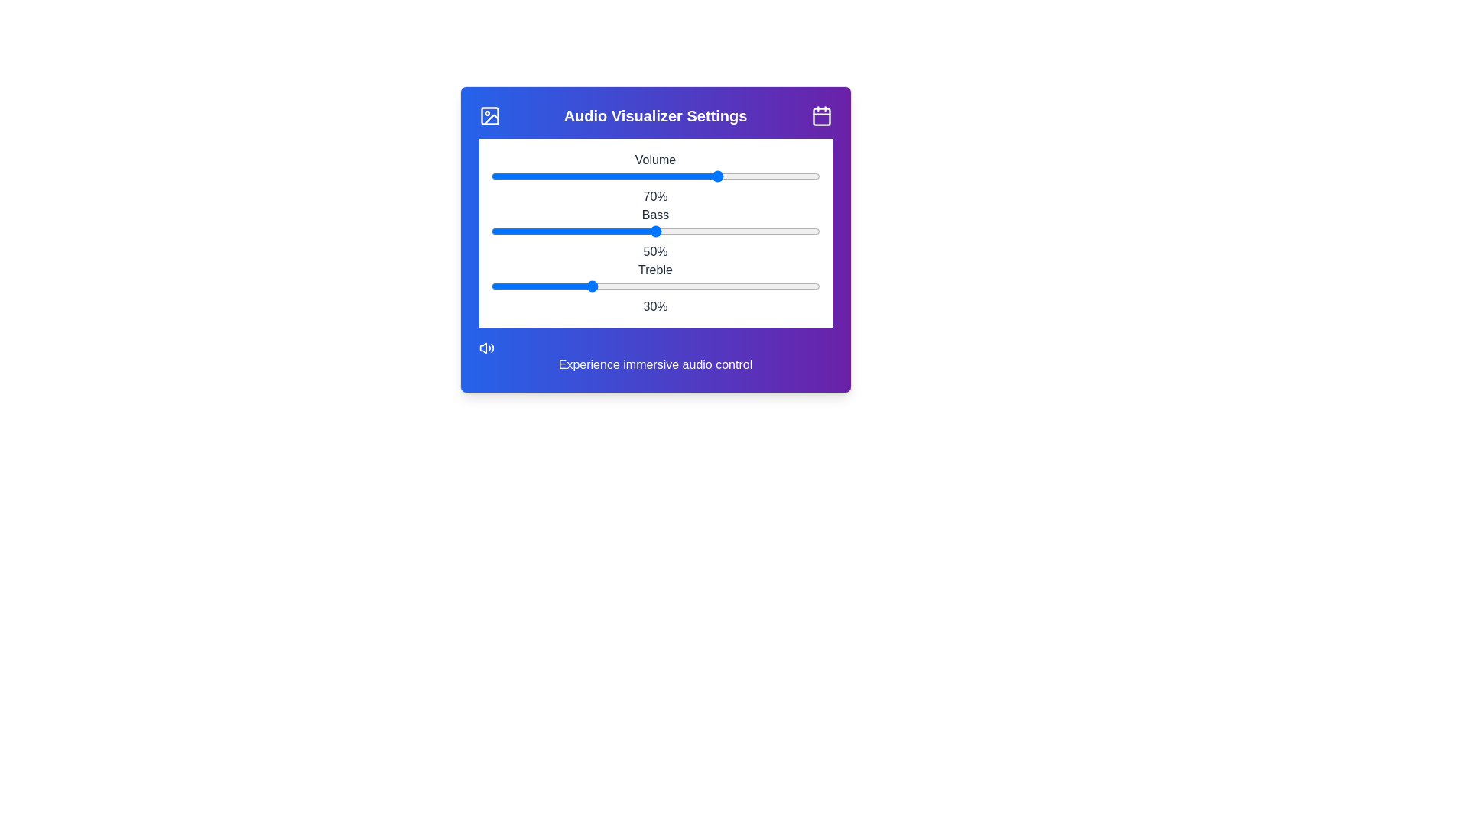 Image resolution: width=1468 pixels, height=825 pixels. Describe the element at coordinates (690, 176) in the screenshot. I see `the volume slider to set the volume to 61%` at that location.